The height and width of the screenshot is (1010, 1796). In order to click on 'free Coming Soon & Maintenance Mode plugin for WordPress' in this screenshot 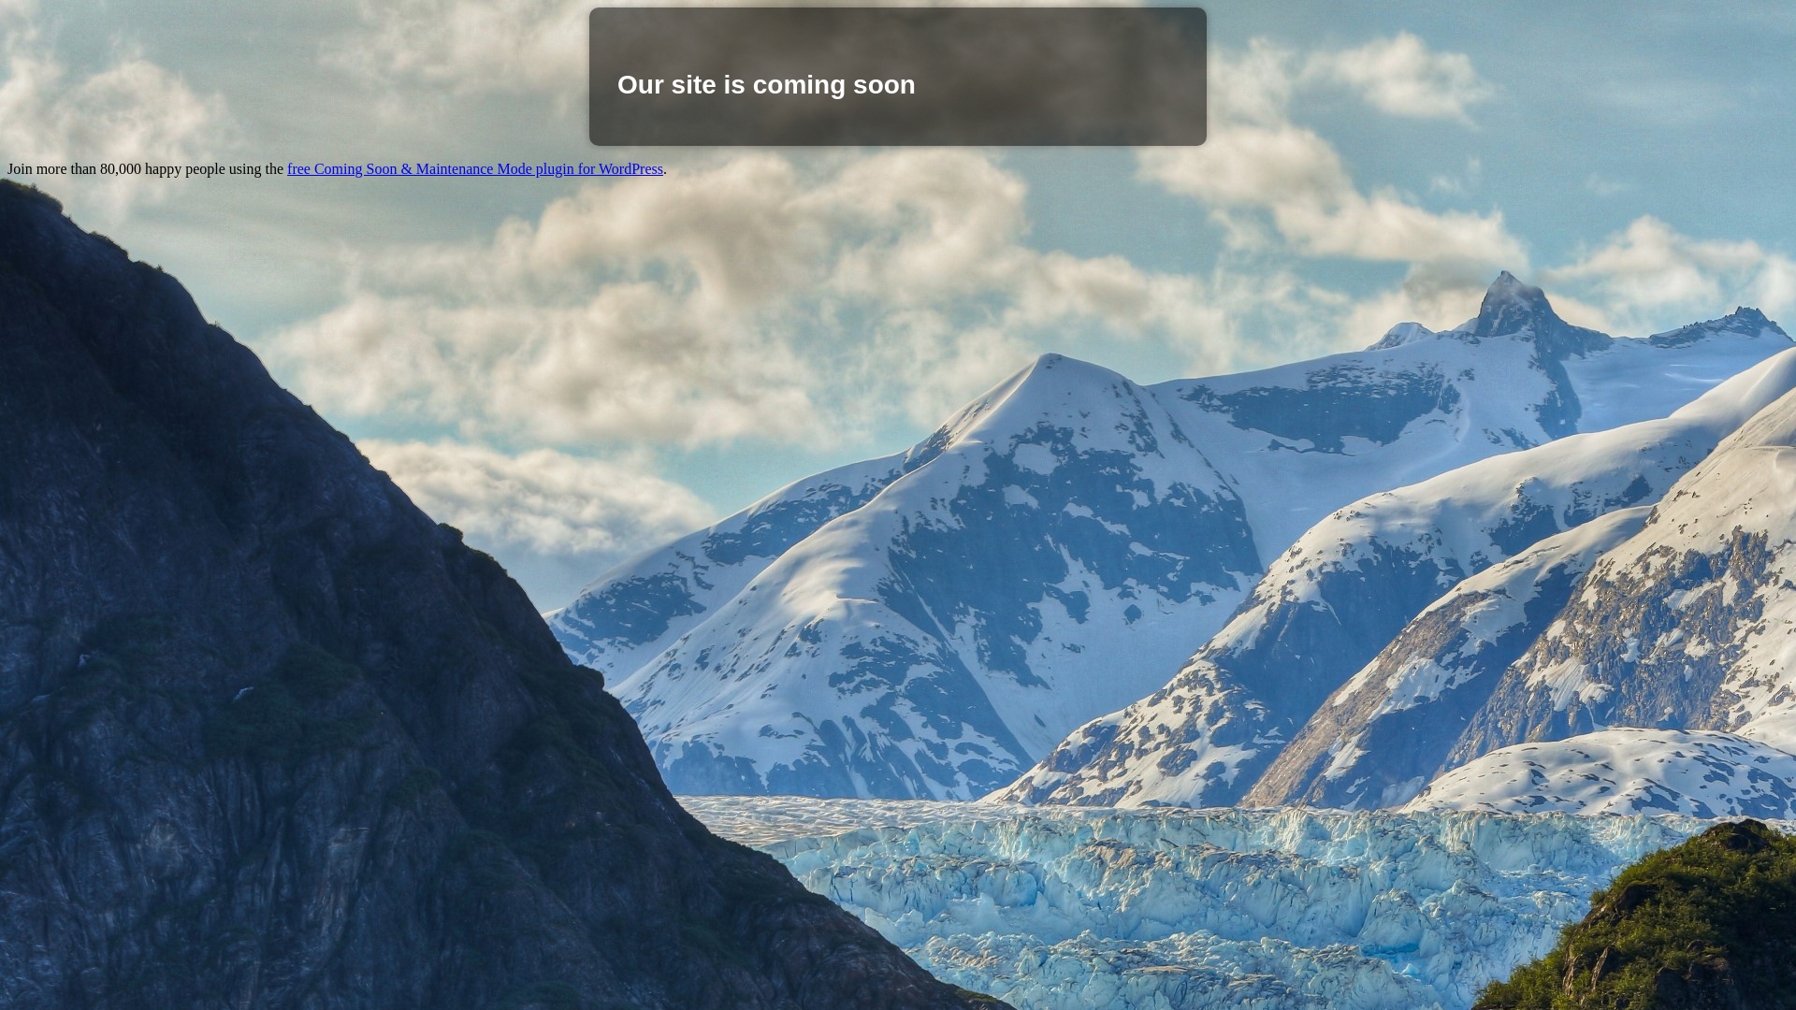, I will do `click(475, 168)`.